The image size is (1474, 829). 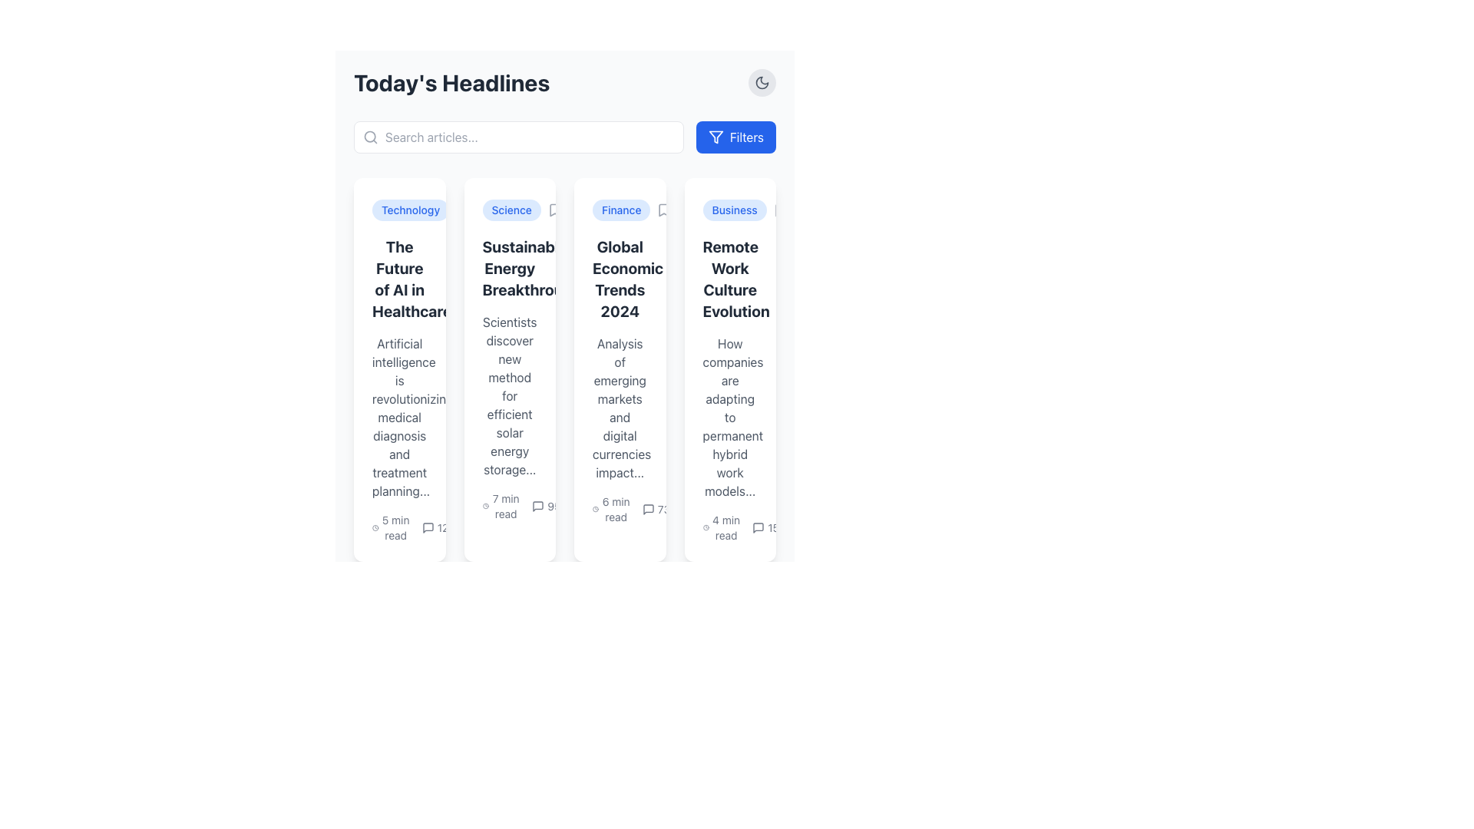 What do you see at coordinates (614, 506) in the screenshot?
I see `the thumbs-up icon located at the bottom of the information card for the article titled 'Global Economic Trends 2024', which is visually represented as a thumbs-up icon for liking or approving content` at bounding box center [614, 506].